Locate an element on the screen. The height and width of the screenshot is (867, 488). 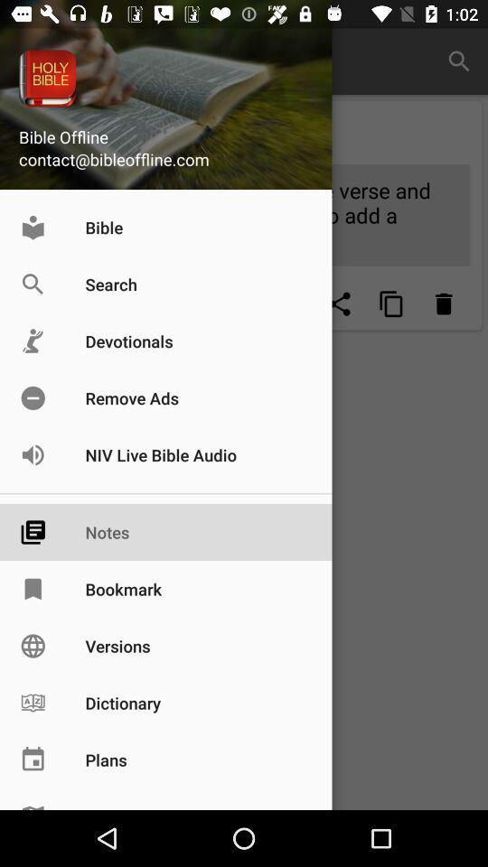
share icon is located at coordinates (340, 303).